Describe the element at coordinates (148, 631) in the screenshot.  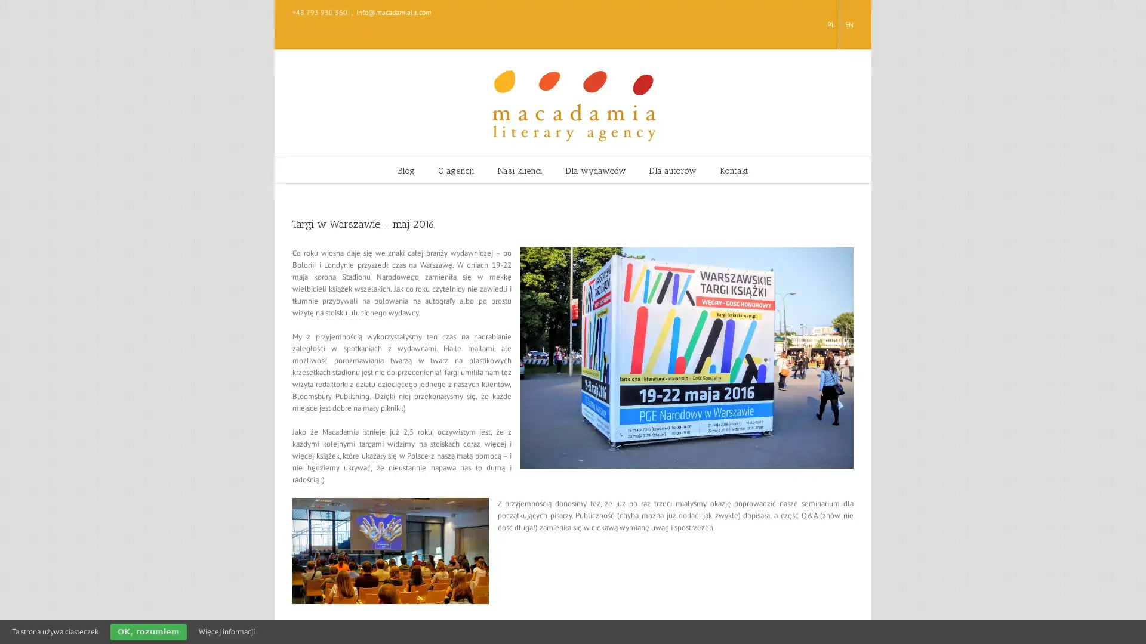
I see `OK, rozumiem` at that location.